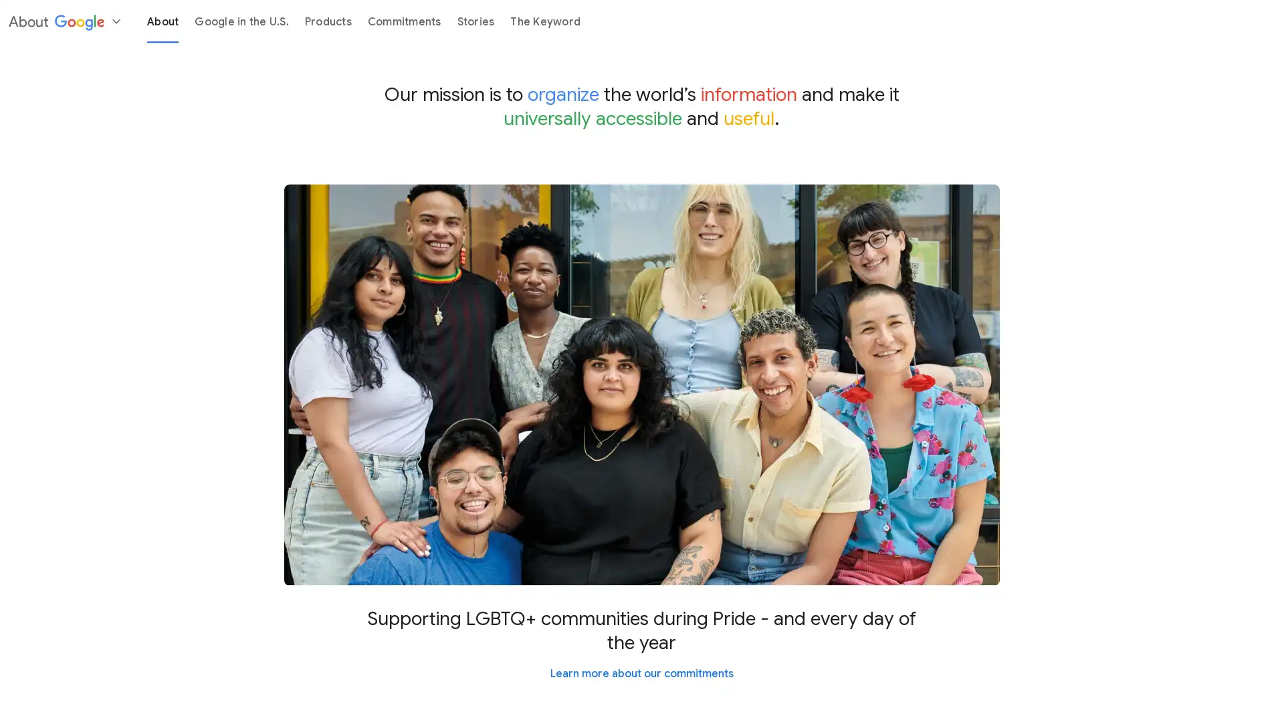 This screenshot has width=1284, height=722. I want to click on About Google, so click(64, 21).